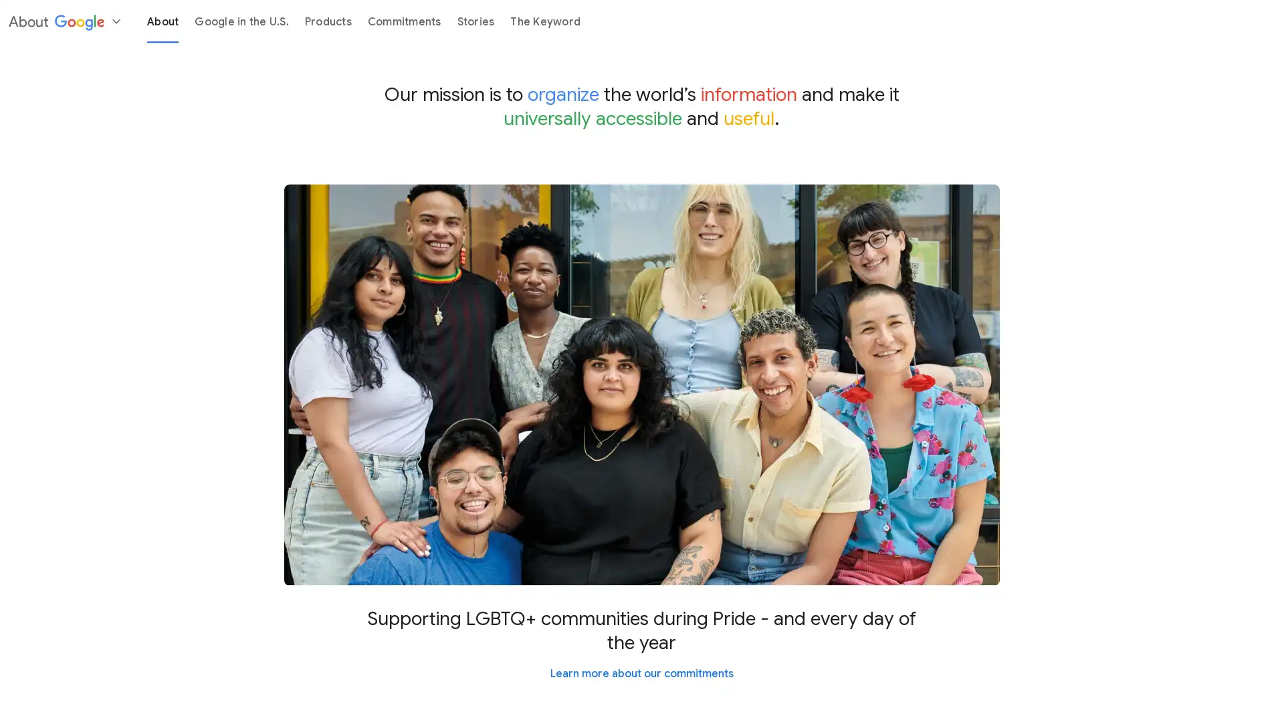 This screenshot has width=1284, height=722. I want to click on About Google, so click(64, 21).